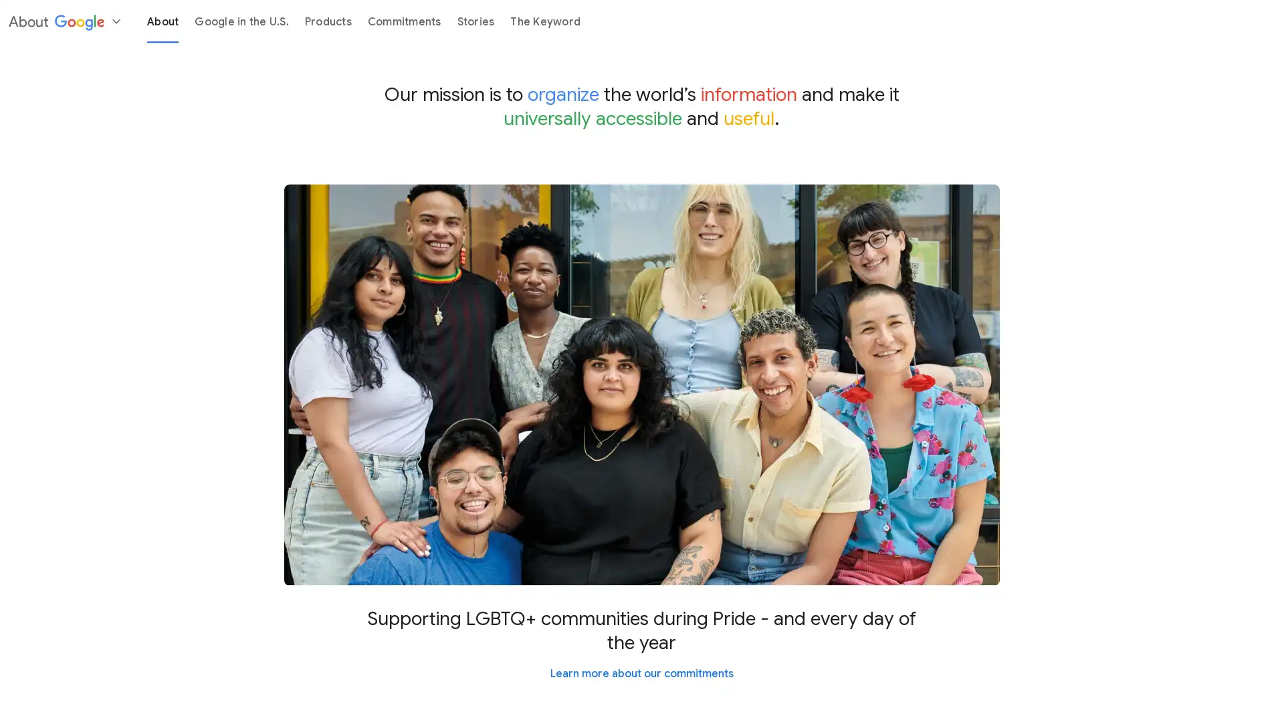 This screenshot has width=1284, height=722. I want to click on About Google, so click(64, 21).